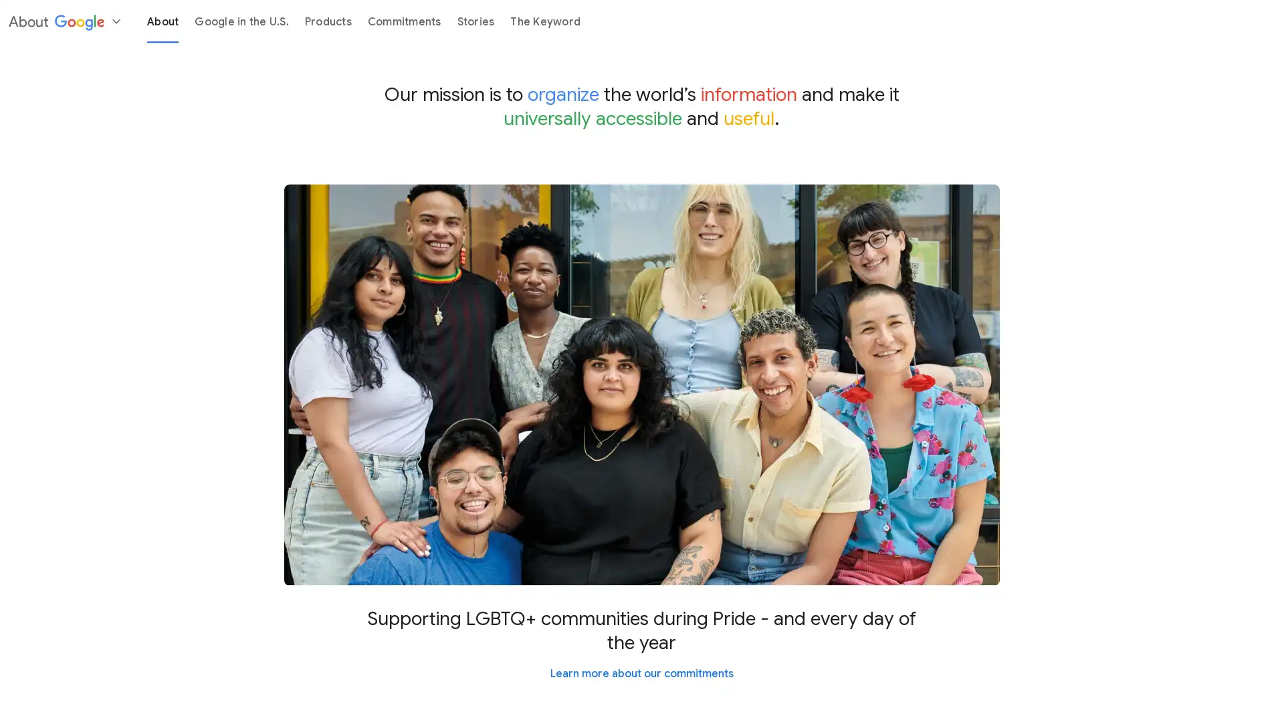 This screenshot has width=1284, height=722. I want to click on About Google, so click(64, 21).